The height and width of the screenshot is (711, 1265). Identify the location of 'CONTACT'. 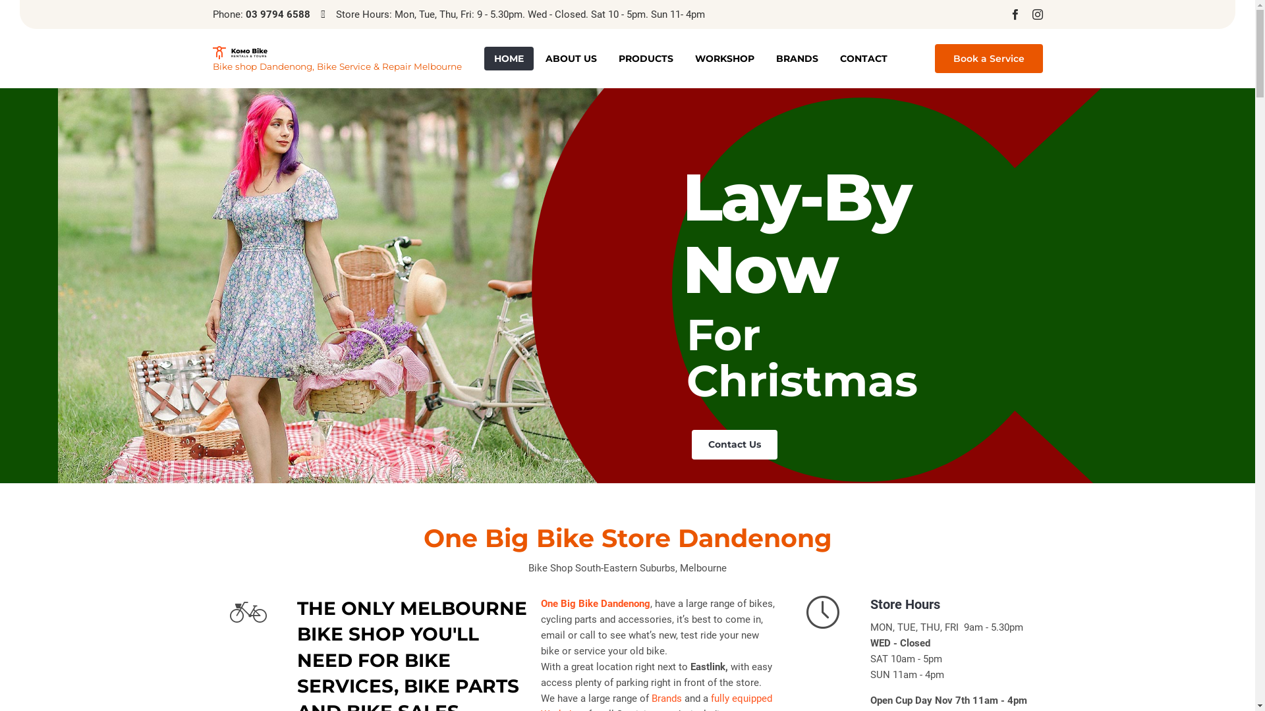
(829, 57).